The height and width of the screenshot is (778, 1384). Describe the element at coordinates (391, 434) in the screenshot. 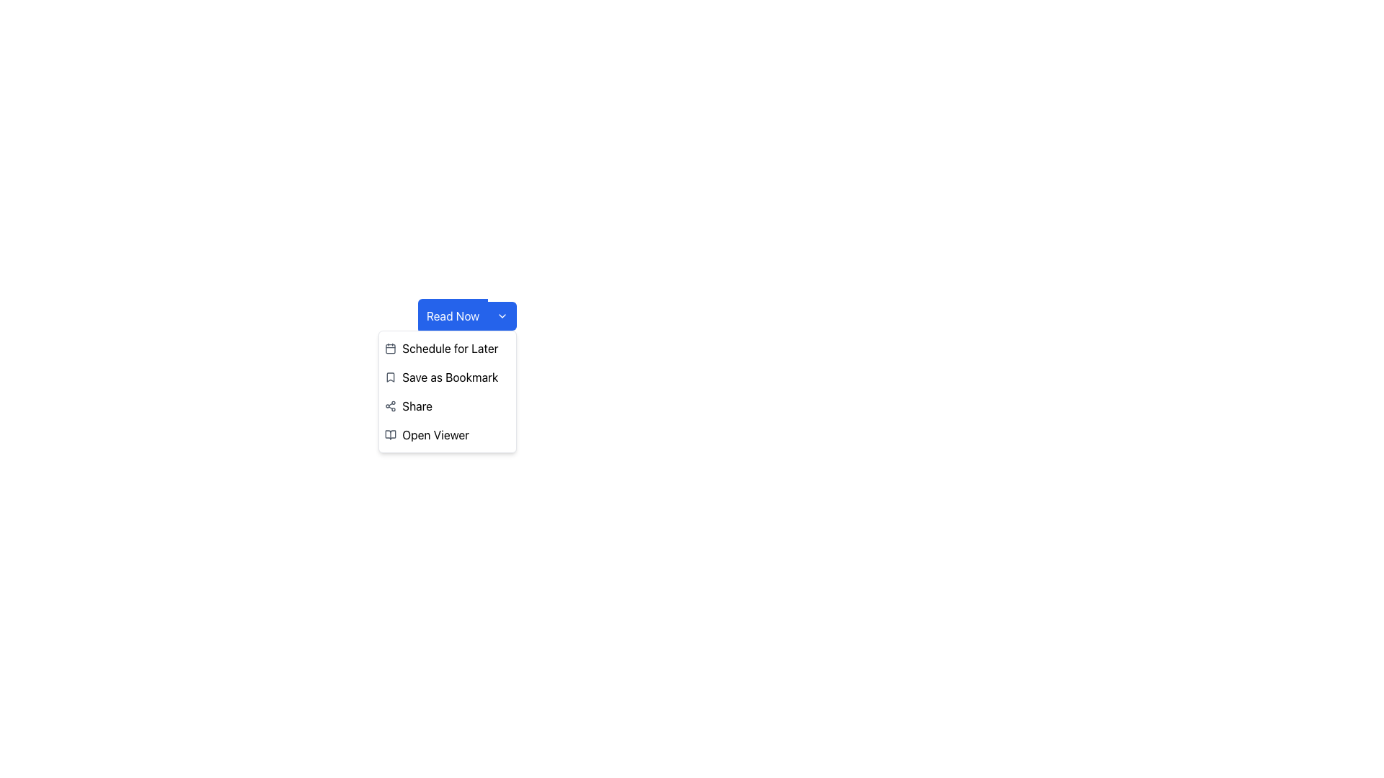

I see `the open book icon located near the bottom right corner of the menu` at that location.